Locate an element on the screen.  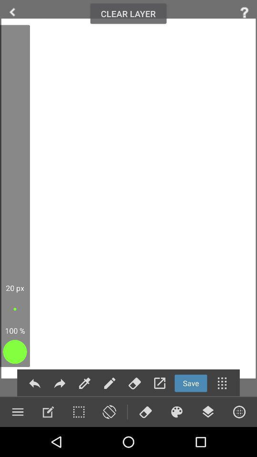
the edit icon is located at coordinates (48, 411).